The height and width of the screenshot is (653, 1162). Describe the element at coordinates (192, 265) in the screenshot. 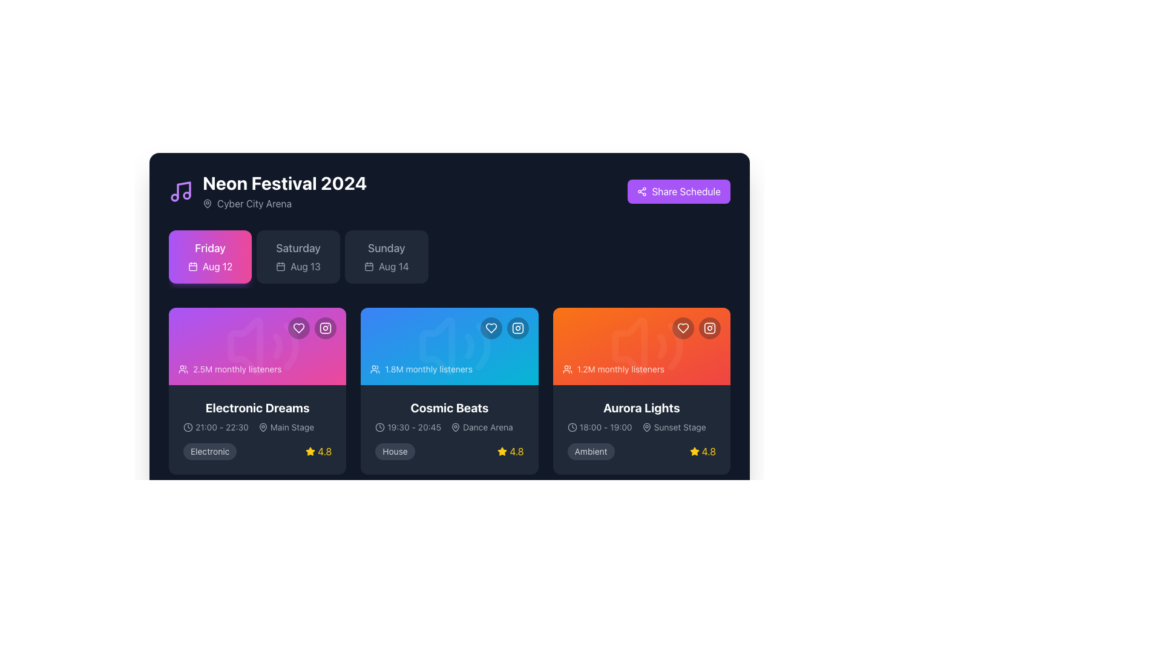

I see `the calendar icon located` at that location.